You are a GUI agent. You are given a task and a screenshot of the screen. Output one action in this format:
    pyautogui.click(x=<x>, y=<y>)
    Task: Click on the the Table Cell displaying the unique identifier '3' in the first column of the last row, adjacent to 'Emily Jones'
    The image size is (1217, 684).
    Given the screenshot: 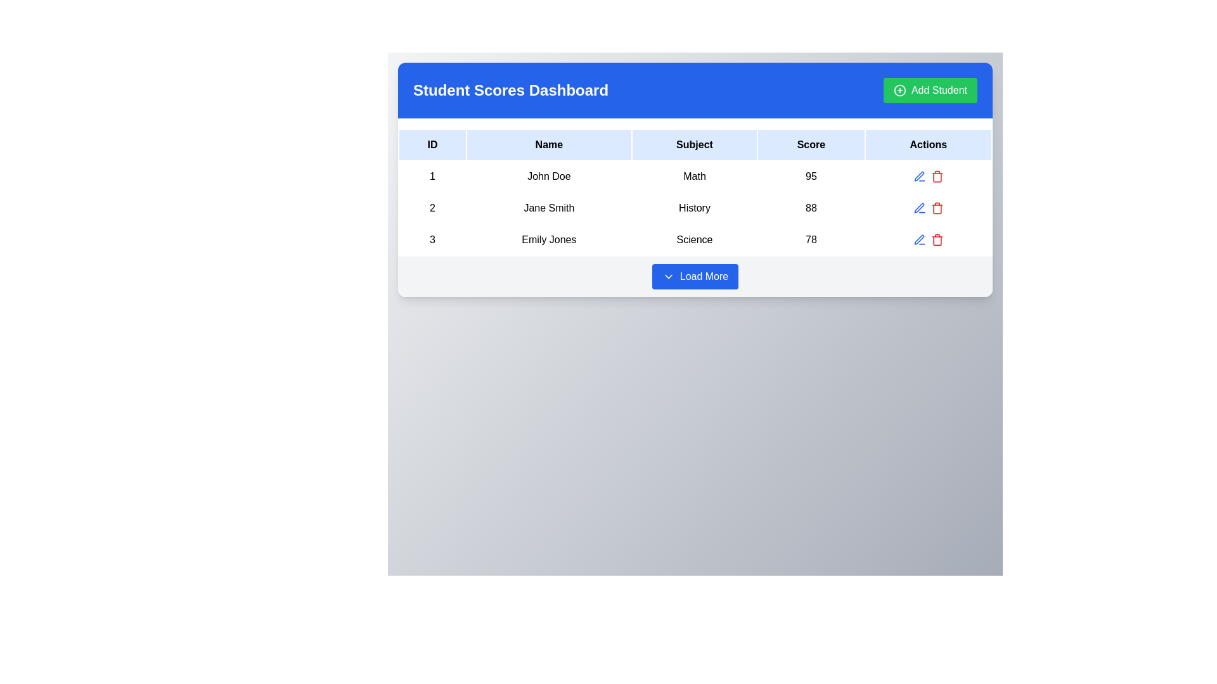 What is the action you would take?
    pyautogui.click(x=432, y=239)
    